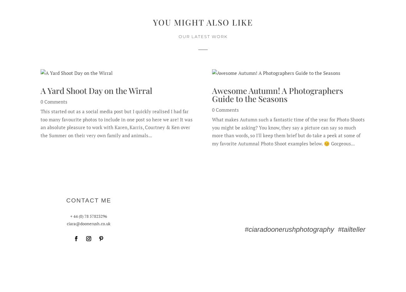  What do you see at coordinates (97, 90) in the screenshot?
I see `'A Yard Shoot Day on the Wirral'` at bounding box center [97, 90].